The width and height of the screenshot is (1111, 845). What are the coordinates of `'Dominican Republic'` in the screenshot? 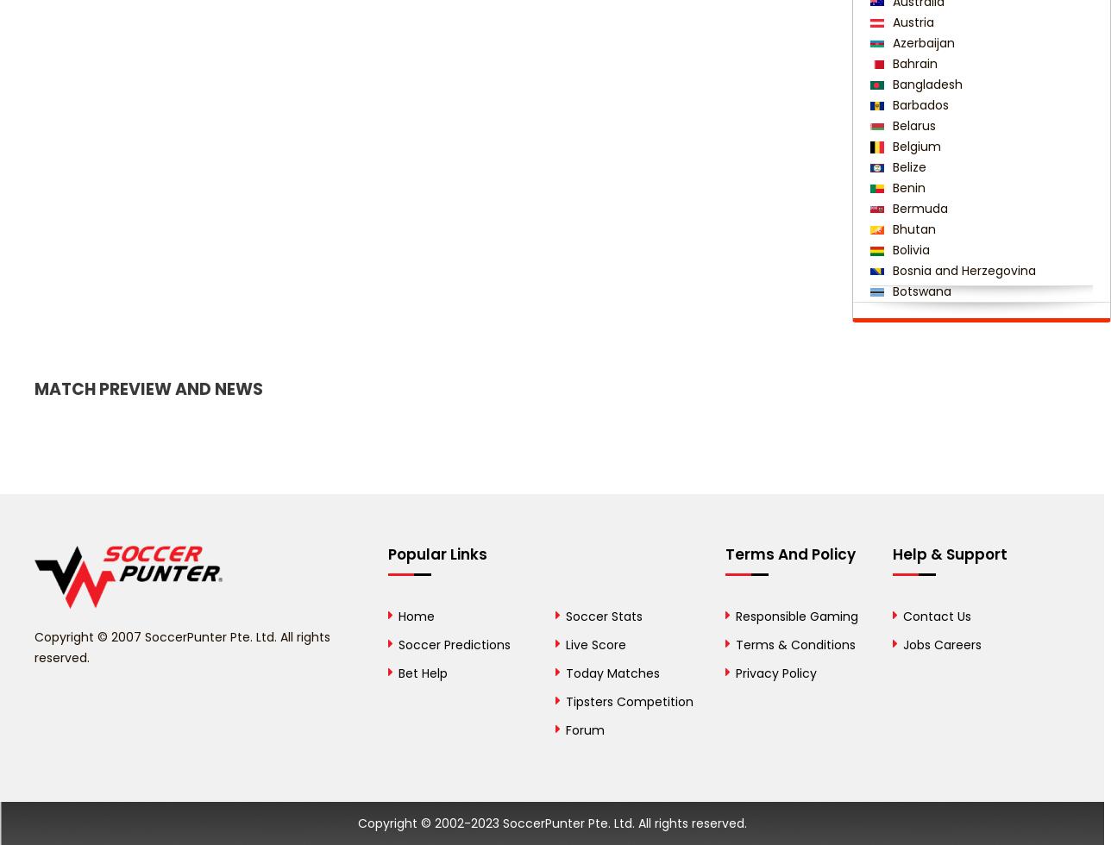 It's located at (951, 788).